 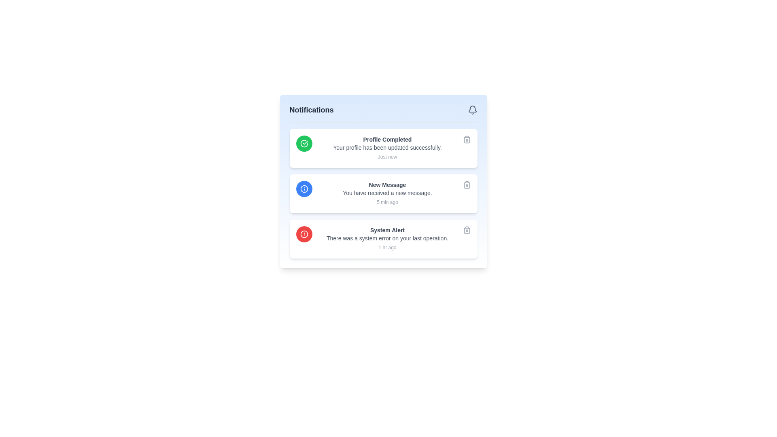 What do you see at coordinates (472, 108) in the screenshot?
I see `the notification icon button located at the top-right corner of the notification panel` at bounding box center [472, 108].